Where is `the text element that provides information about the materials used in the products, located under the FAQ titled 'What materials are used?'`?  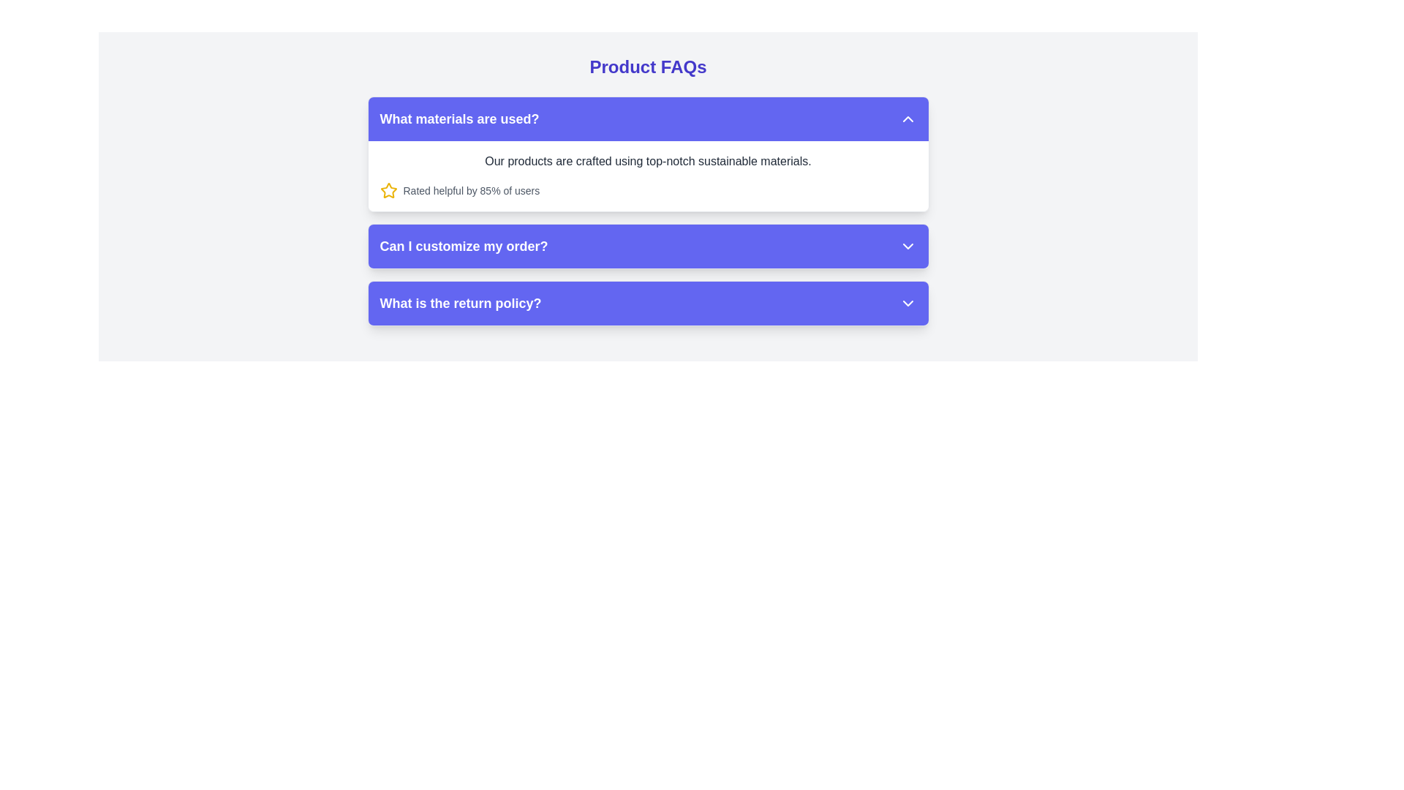 the text element that provides information about the materials used in the products, located under the FAQ titled 'What materials are used?' is located at coordinates (647, 161).